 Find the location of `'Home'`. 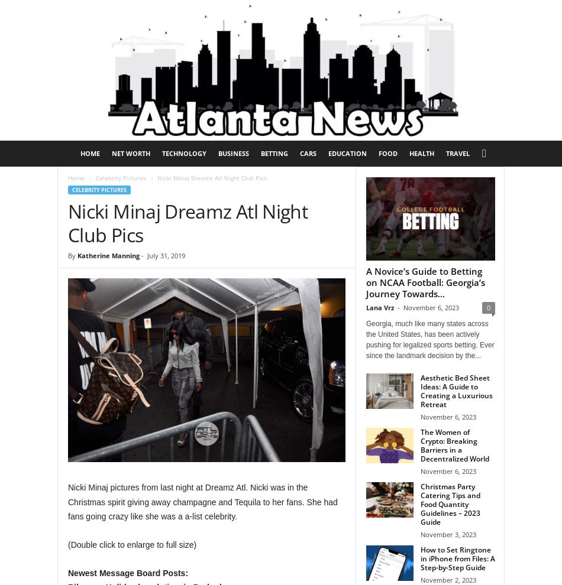

'Home' is located at coordinates (76, 177).